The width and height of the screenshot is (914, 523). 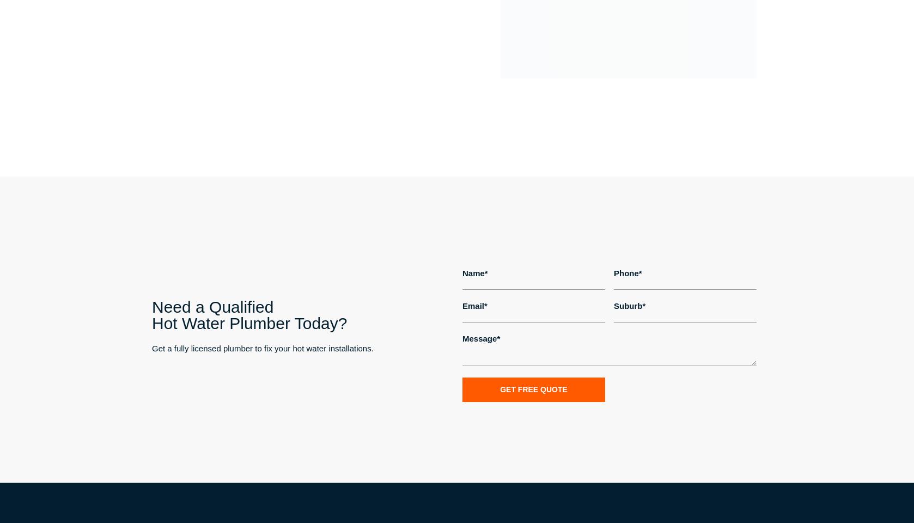 I want to click on 'Phone', so click(x=626, y=272).